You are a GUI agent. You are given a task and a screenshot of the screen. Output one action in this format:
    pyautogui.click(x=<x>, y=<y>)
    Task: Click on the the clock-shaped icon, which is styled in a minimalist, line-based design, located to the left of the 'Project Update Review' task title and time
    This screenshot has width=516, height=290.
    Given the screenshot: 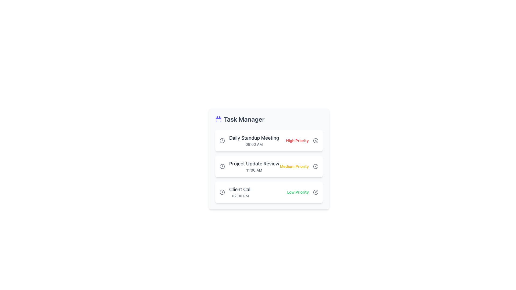 What is the action you would take?
    pyautogui.click(x=222, y=166)
    